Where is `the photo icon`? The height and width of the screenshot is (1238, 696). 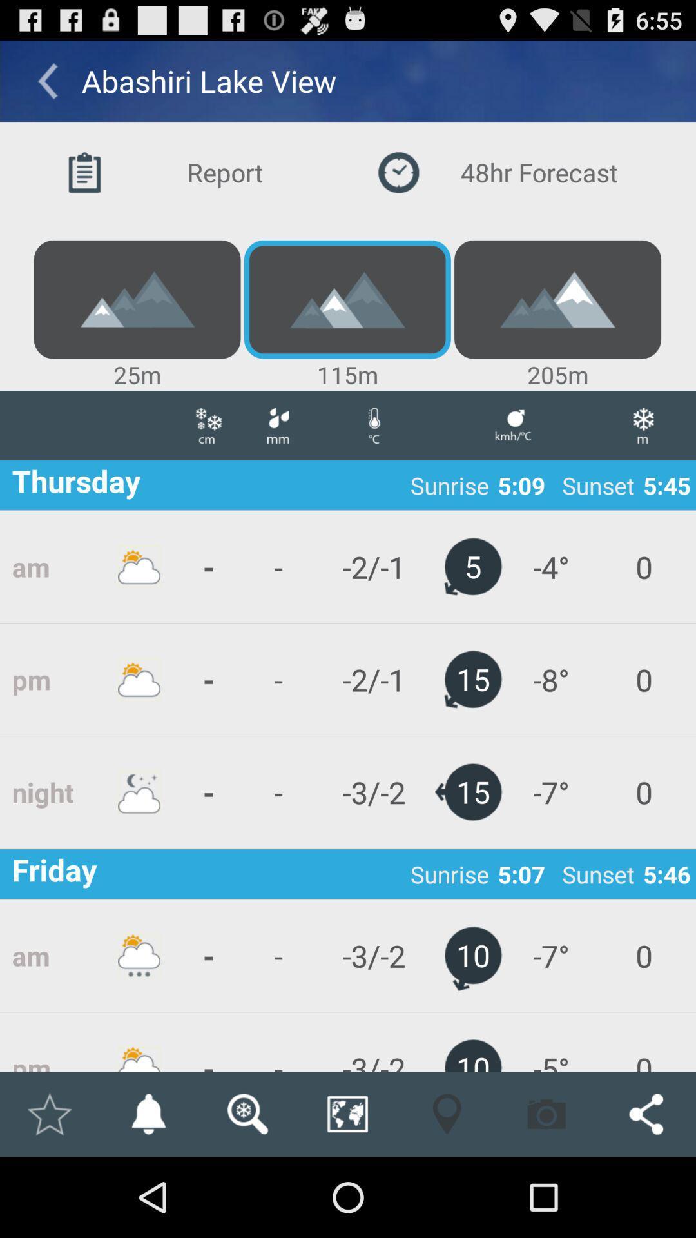
the photo icon is located at coordinates (546, 1192).